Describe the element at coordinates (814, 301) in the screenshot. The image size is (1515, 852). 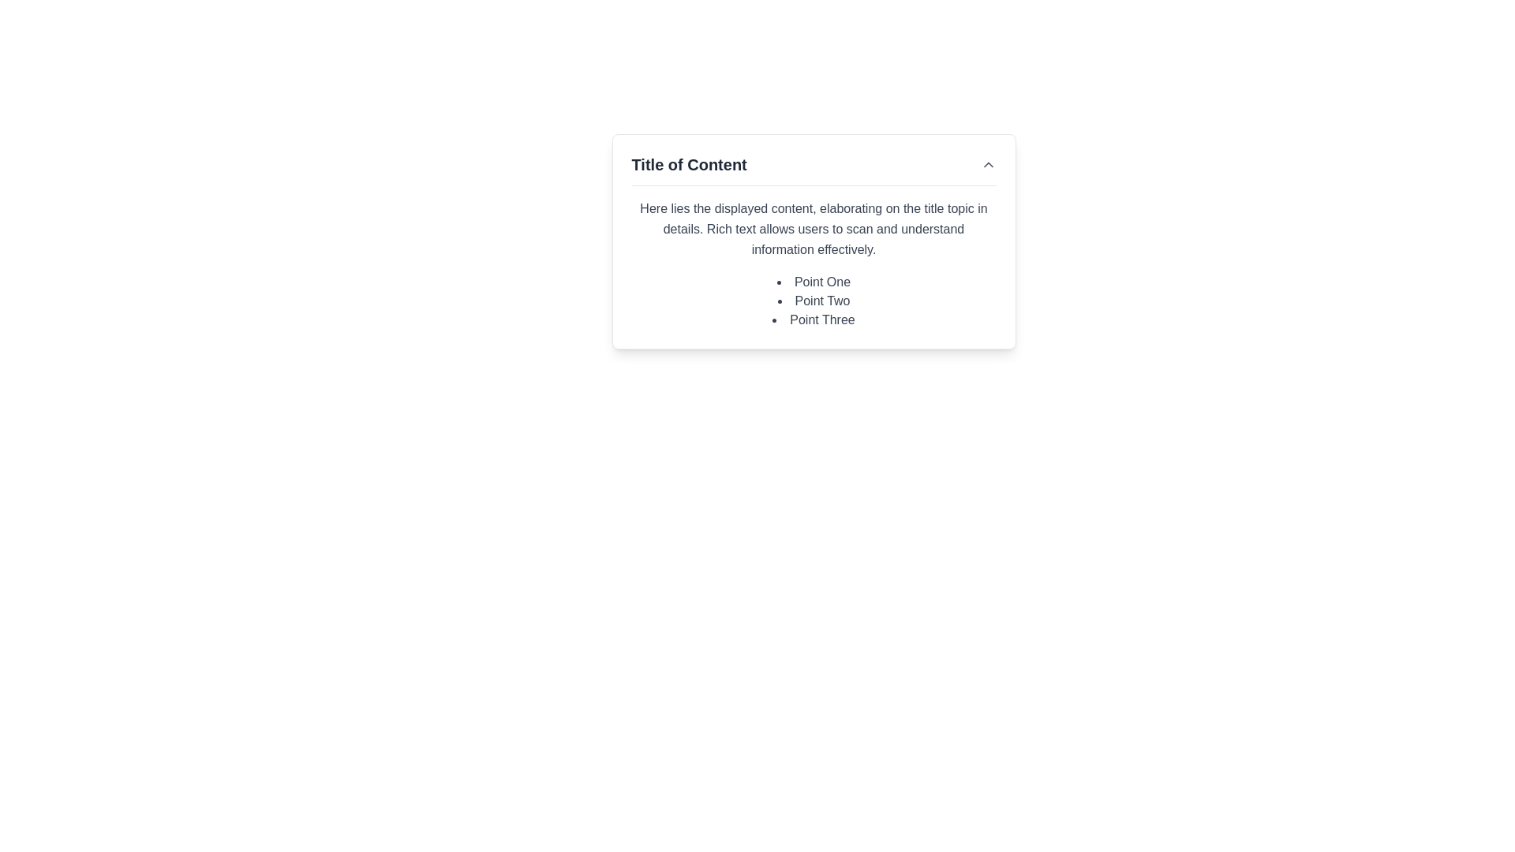
I see `the bullet-point list containing 'Point One', 'Point Two', and 'Point Three' to interact with it` at that location.